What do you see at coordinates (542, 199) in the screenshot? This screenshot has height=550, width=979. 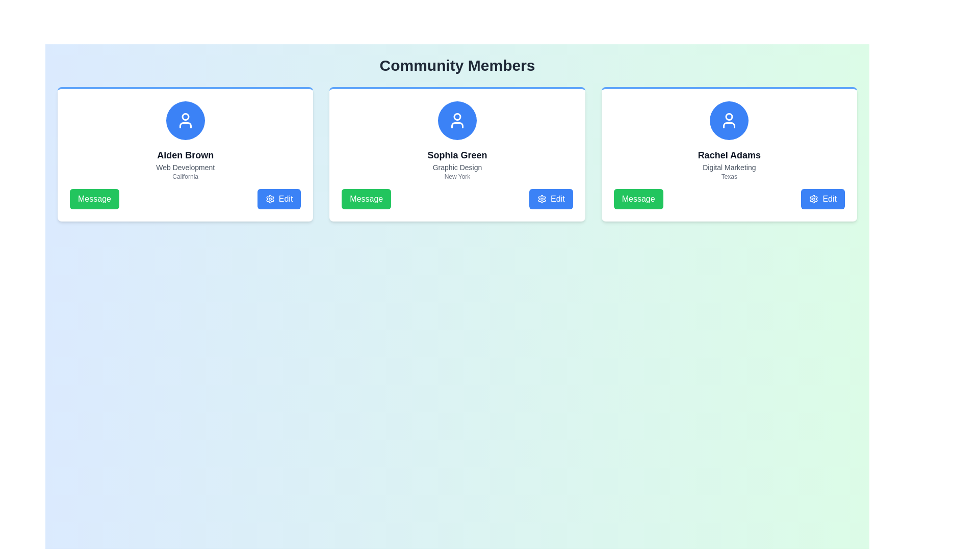 I see `the settings icon resembling a cogwheel located in the 'Edit' button area below the profile card of 'Sophia Green'` at bounding box center [542, 199].